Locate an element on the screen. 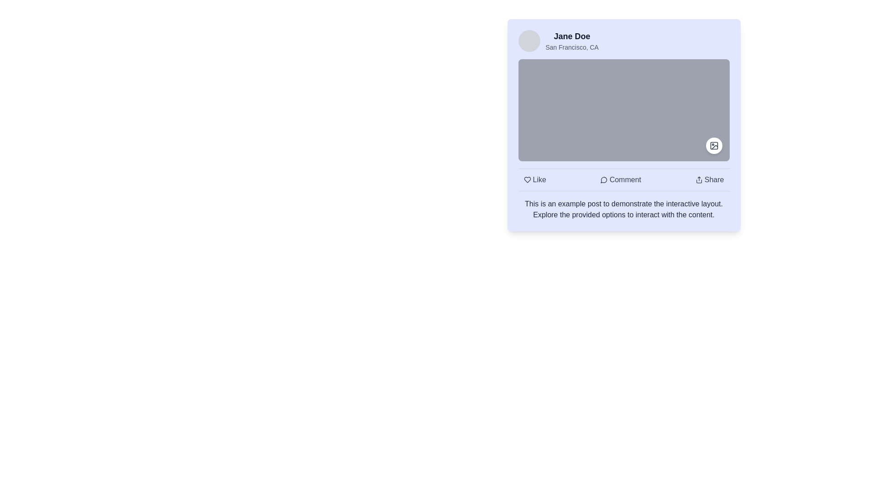 This screenshot has height=492, width=874. the heart-shaped vector graphic icon representing a 'like' action, located in the lower action bar of the post card, immediately adjacent to the 'Like' text label is located at coordinates (527, 179).